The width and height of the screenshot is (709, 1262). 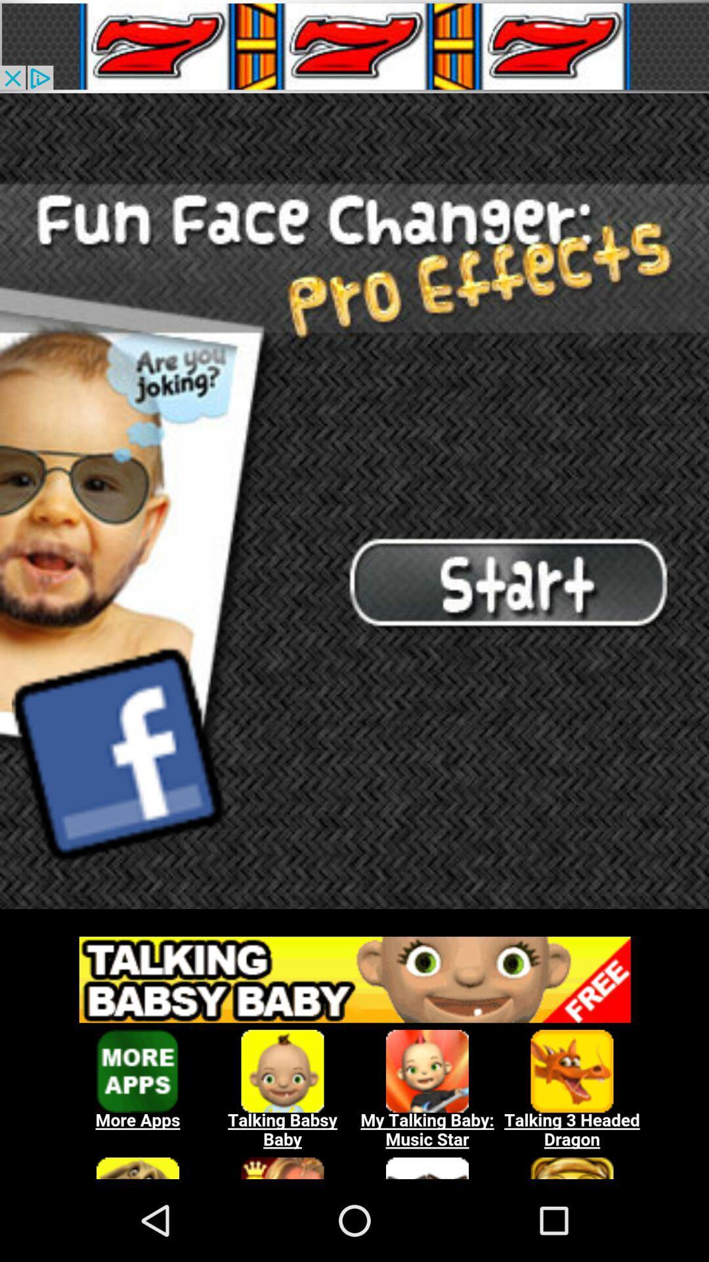 What do you see at coordinates (354, 500) in the screenshot?
I see `advertisement` at bounding box center [354, 500].